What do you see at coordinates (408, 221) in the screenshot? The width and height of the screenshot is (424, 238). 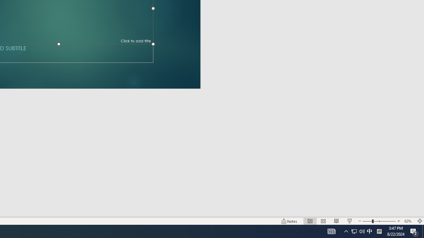 I see `'Zoom 62%'` at bounding box center [408, 221].